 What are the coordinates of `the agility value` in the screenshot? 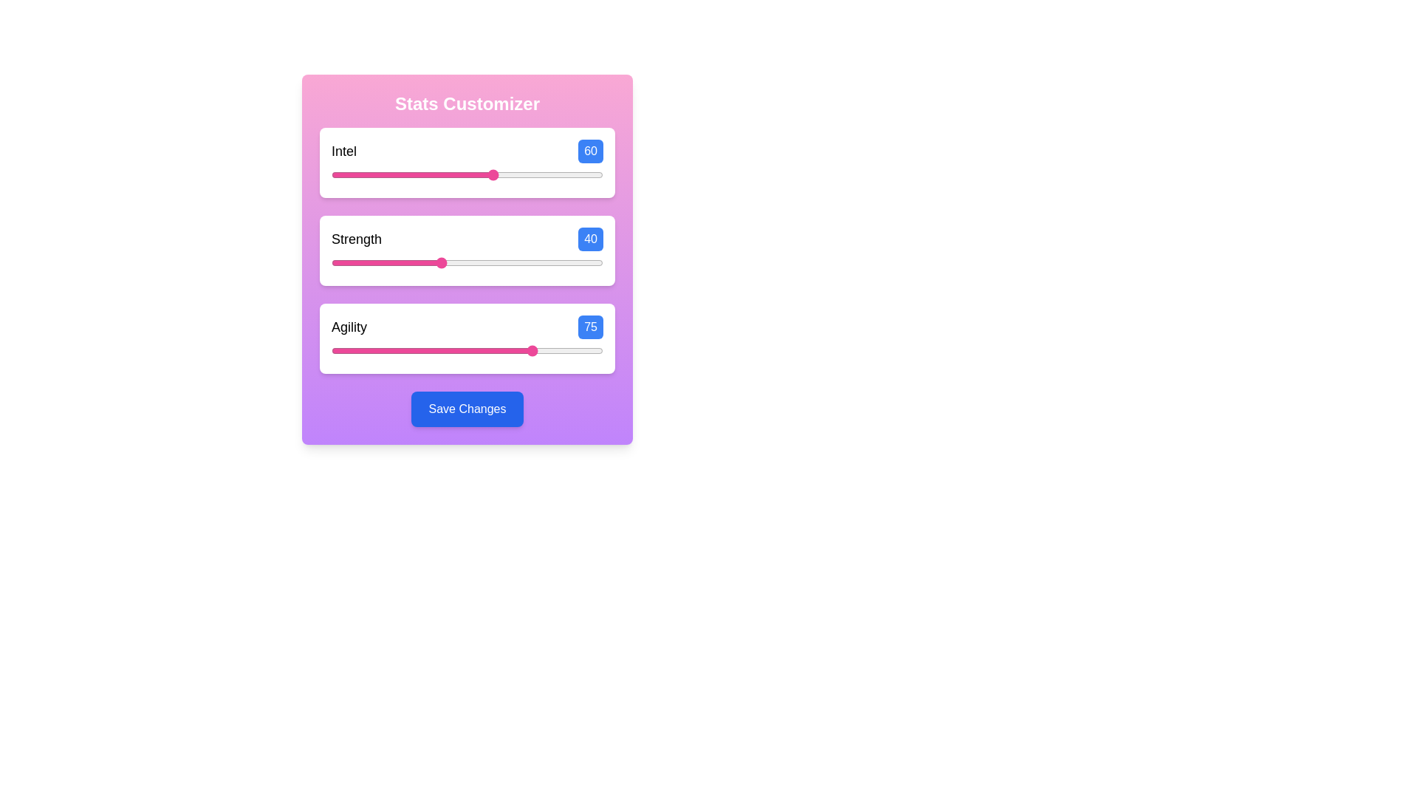 It's located at (394, 350).